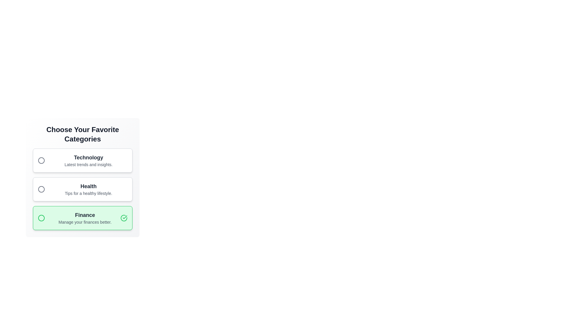 This screenshot has height=317, width=564. I want to click on the category Technology to observe its hover effect, so click(82, 161).